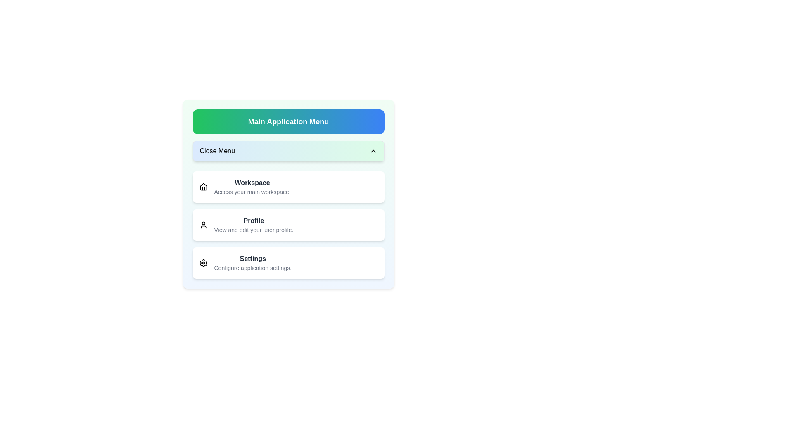 This screenshot has width=793, height=446. I want to click on the menu item Profile from the options Workspace, Profile, or Settings, so click(288, 225).